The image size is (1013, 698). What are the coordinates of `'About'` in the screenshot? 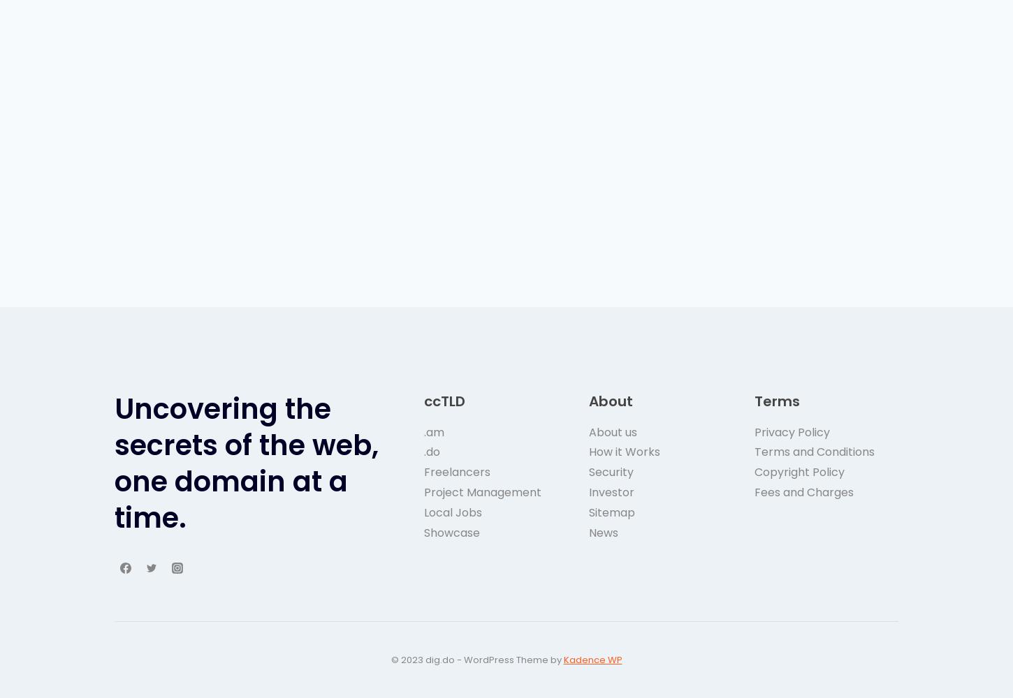 It's located at (610, 400).